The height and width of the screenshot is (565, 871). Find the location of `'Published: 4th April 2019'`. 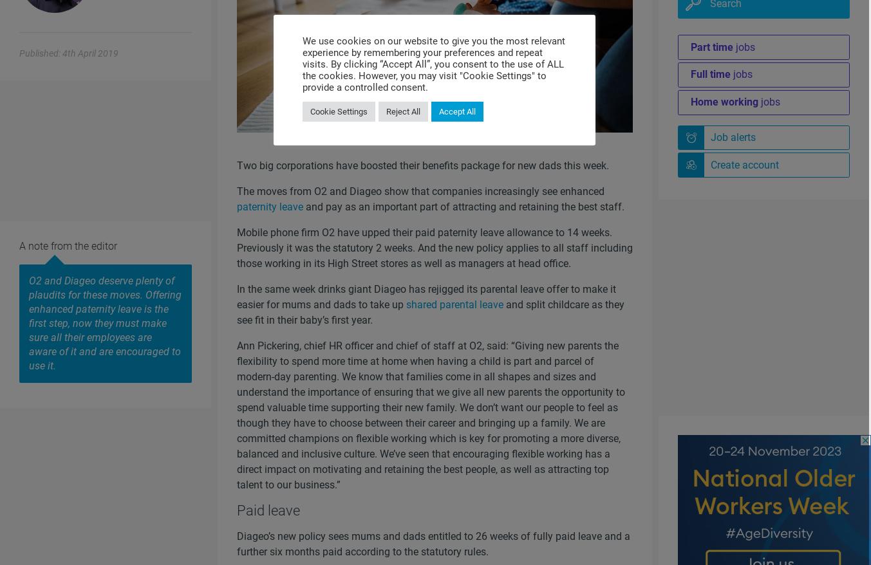

'Published: 4th April 2019' is located at coordinates (69, 53).